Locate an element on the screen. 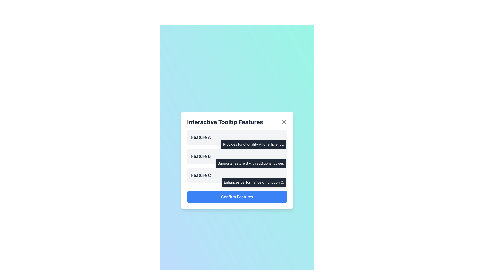 This screenshot has height=270, width=480. the 'Confirm Features' button, which is a horizontally-aligned button with rounded corners, vibrant blue color, and white bold text, located at the bottom of the 'Interactive Tooltip Features' modal is located at coordinates (237, 194).